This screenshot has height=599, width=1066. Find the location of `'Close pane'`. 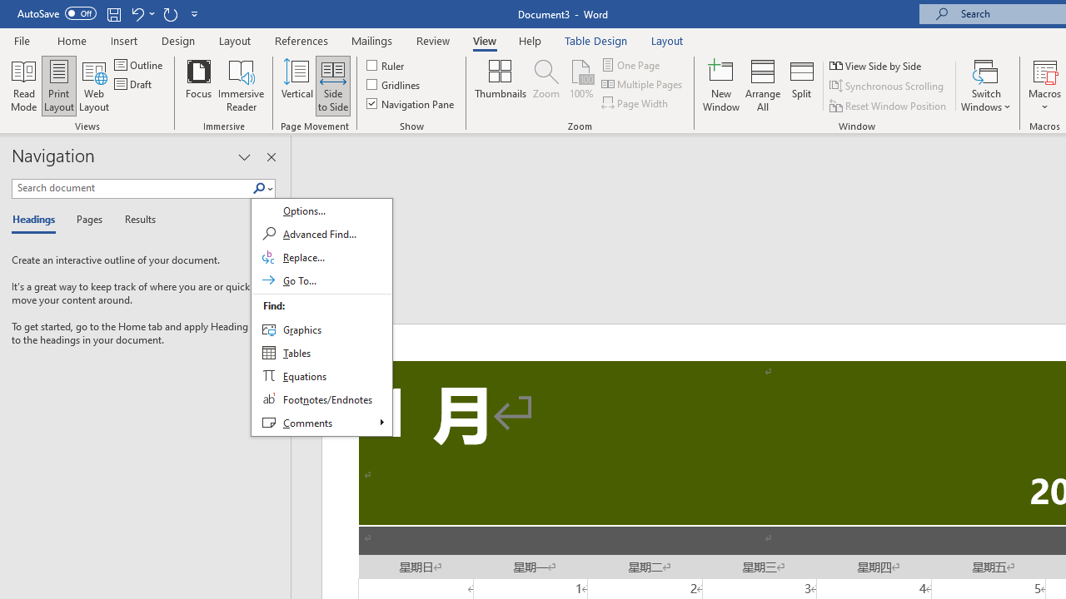

'Close pane' is located at coordinates (271, 157).